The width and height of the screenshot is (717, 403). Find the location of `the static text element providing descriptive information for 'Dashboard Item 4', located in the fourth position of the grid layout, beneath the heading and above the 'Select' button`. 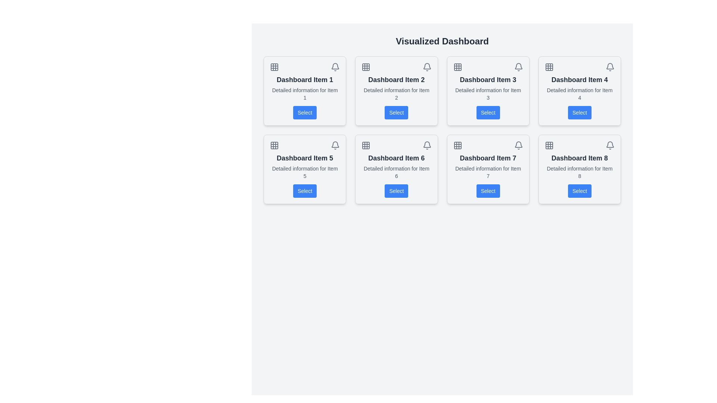

the static text element providing descriptive information for 'Dashboard Item 4', located in the fourth position of the grid layout, beneath the heading and above the 'Select' button is located at coordinates (579, 93).